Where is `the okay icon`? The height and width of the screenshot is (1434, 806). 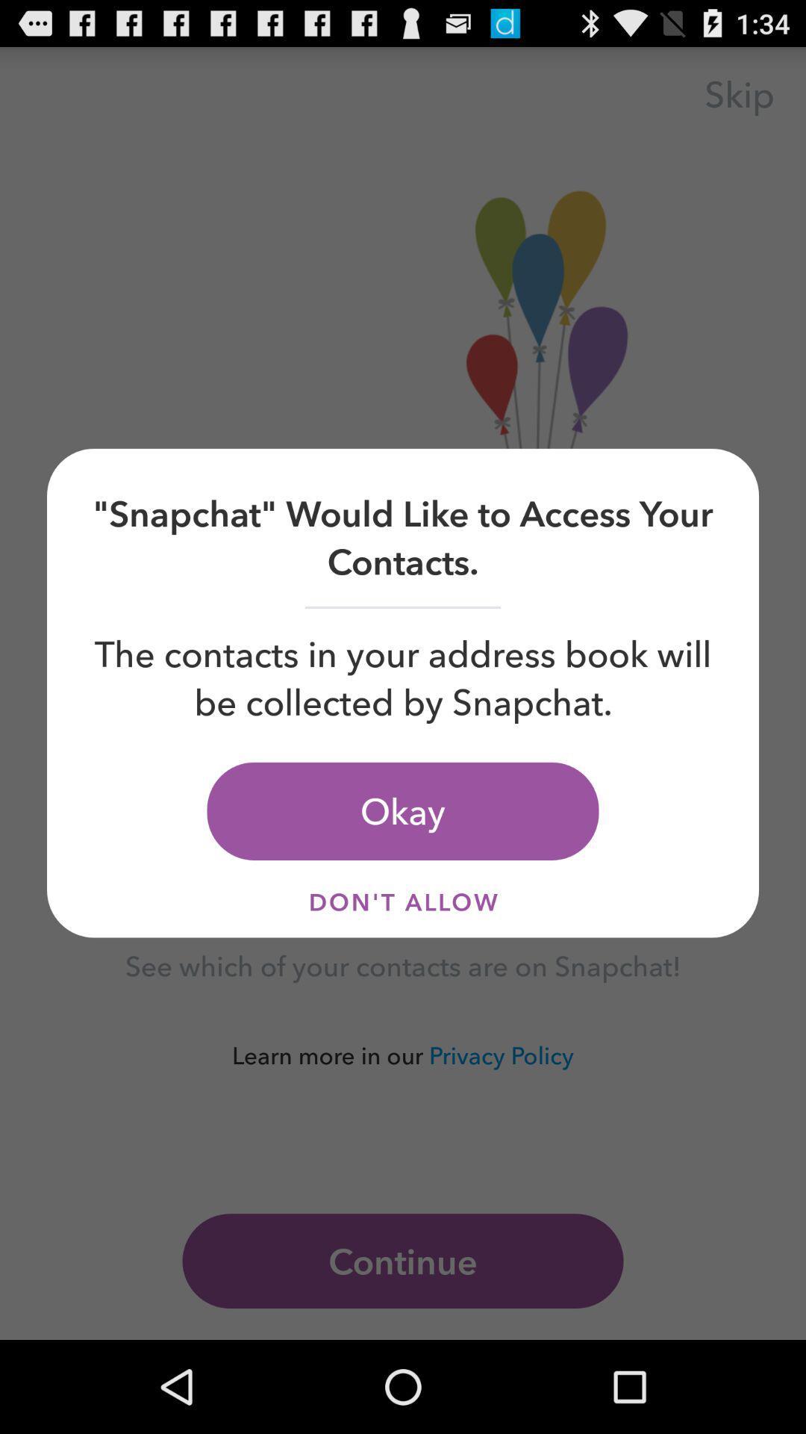 the okay icon is located at coordinates (403, 810).